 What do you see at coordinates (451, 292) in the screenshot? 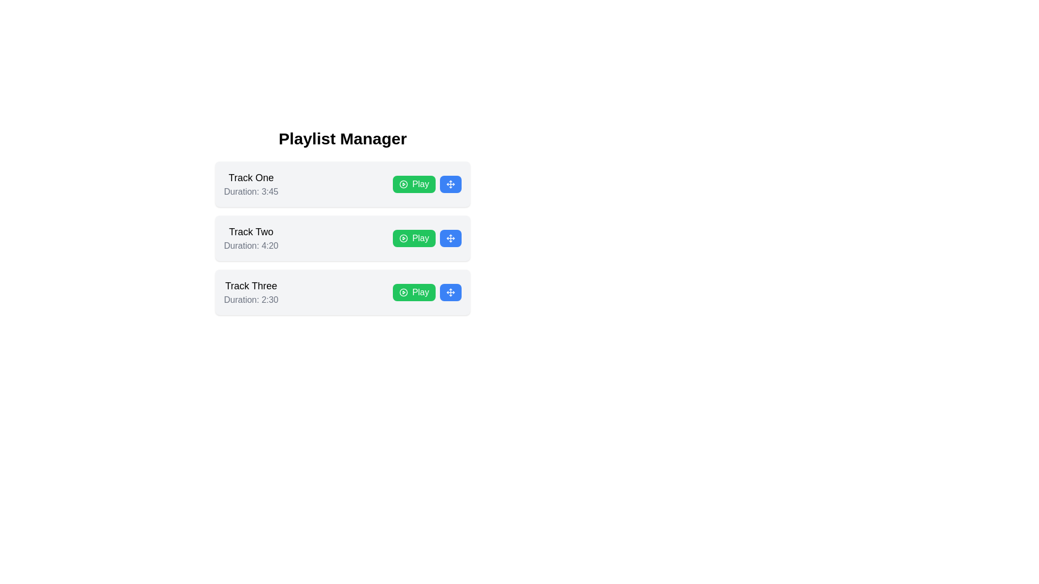
I see `the move icon button with a blue background and white cross-shaped design located in the third row of the playlist manager interface, next to the 'Play' button for 'Track Three' to initiate a move action` at bounding box center [451, 292].